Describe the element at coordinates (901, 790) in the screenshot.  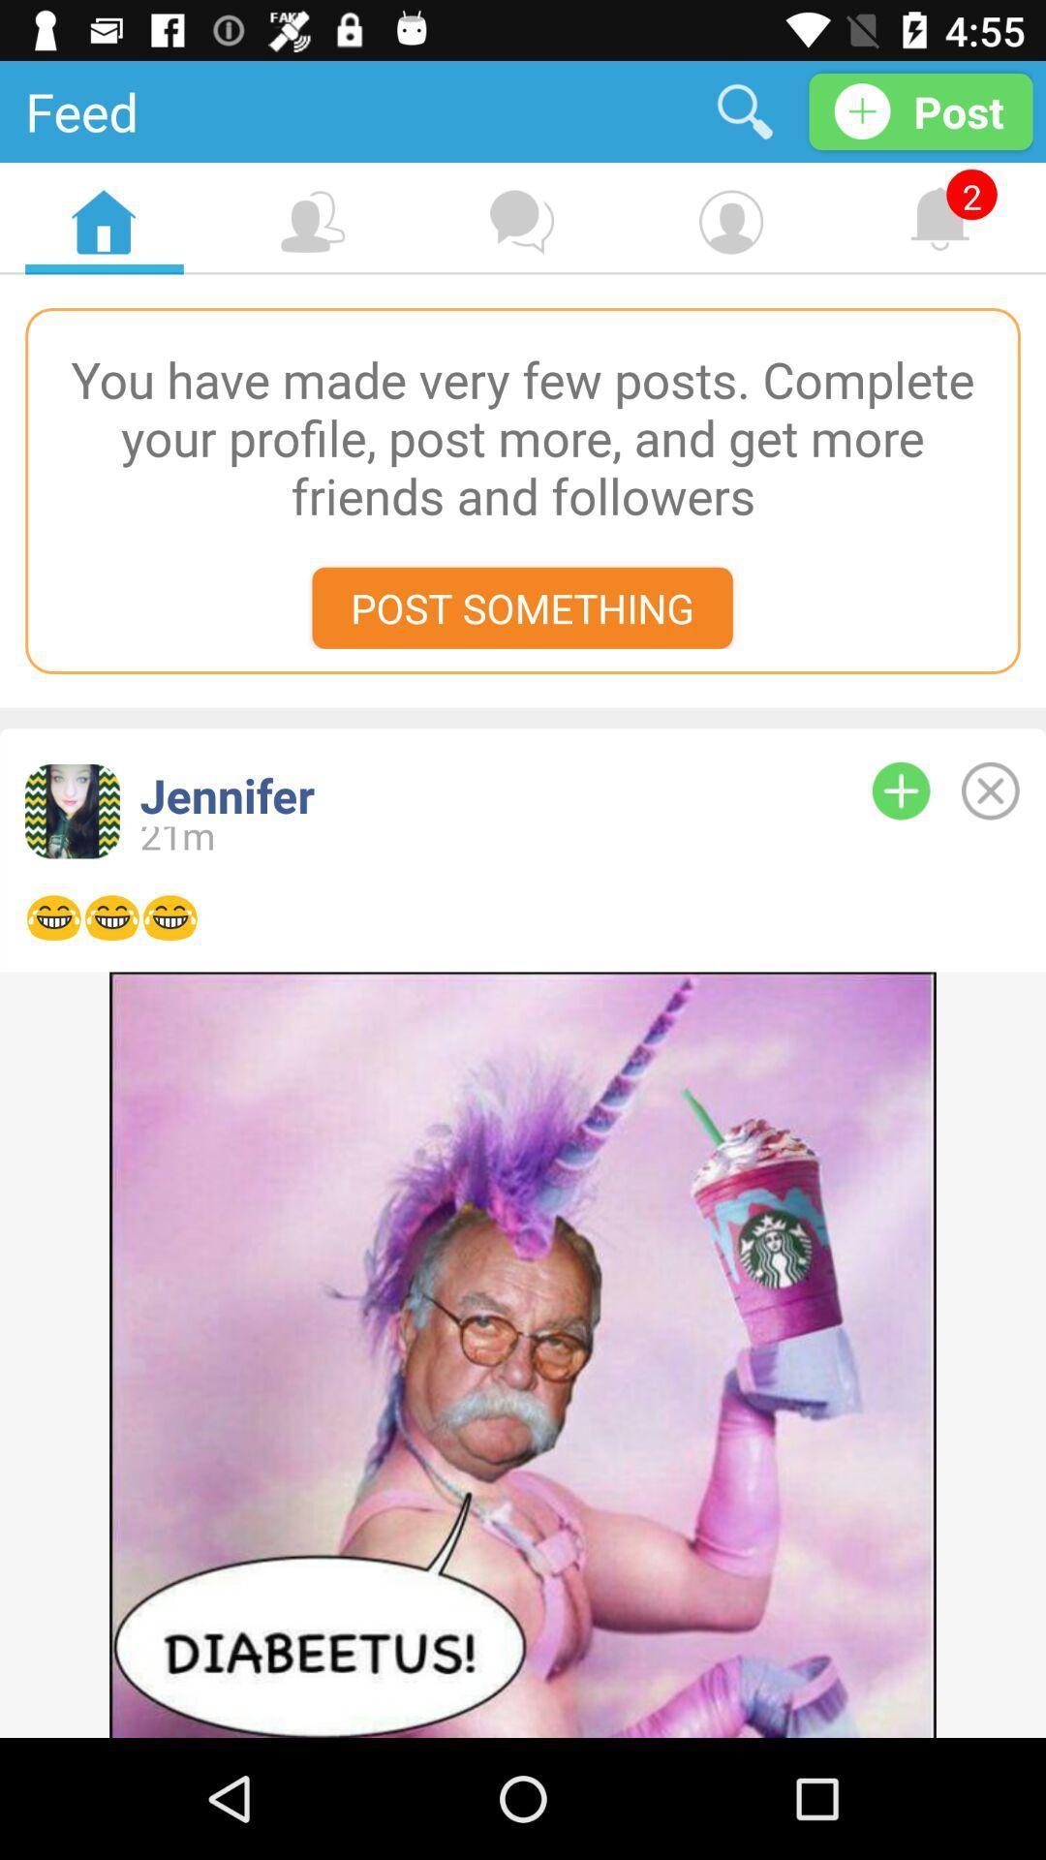
I see `add` at that location.